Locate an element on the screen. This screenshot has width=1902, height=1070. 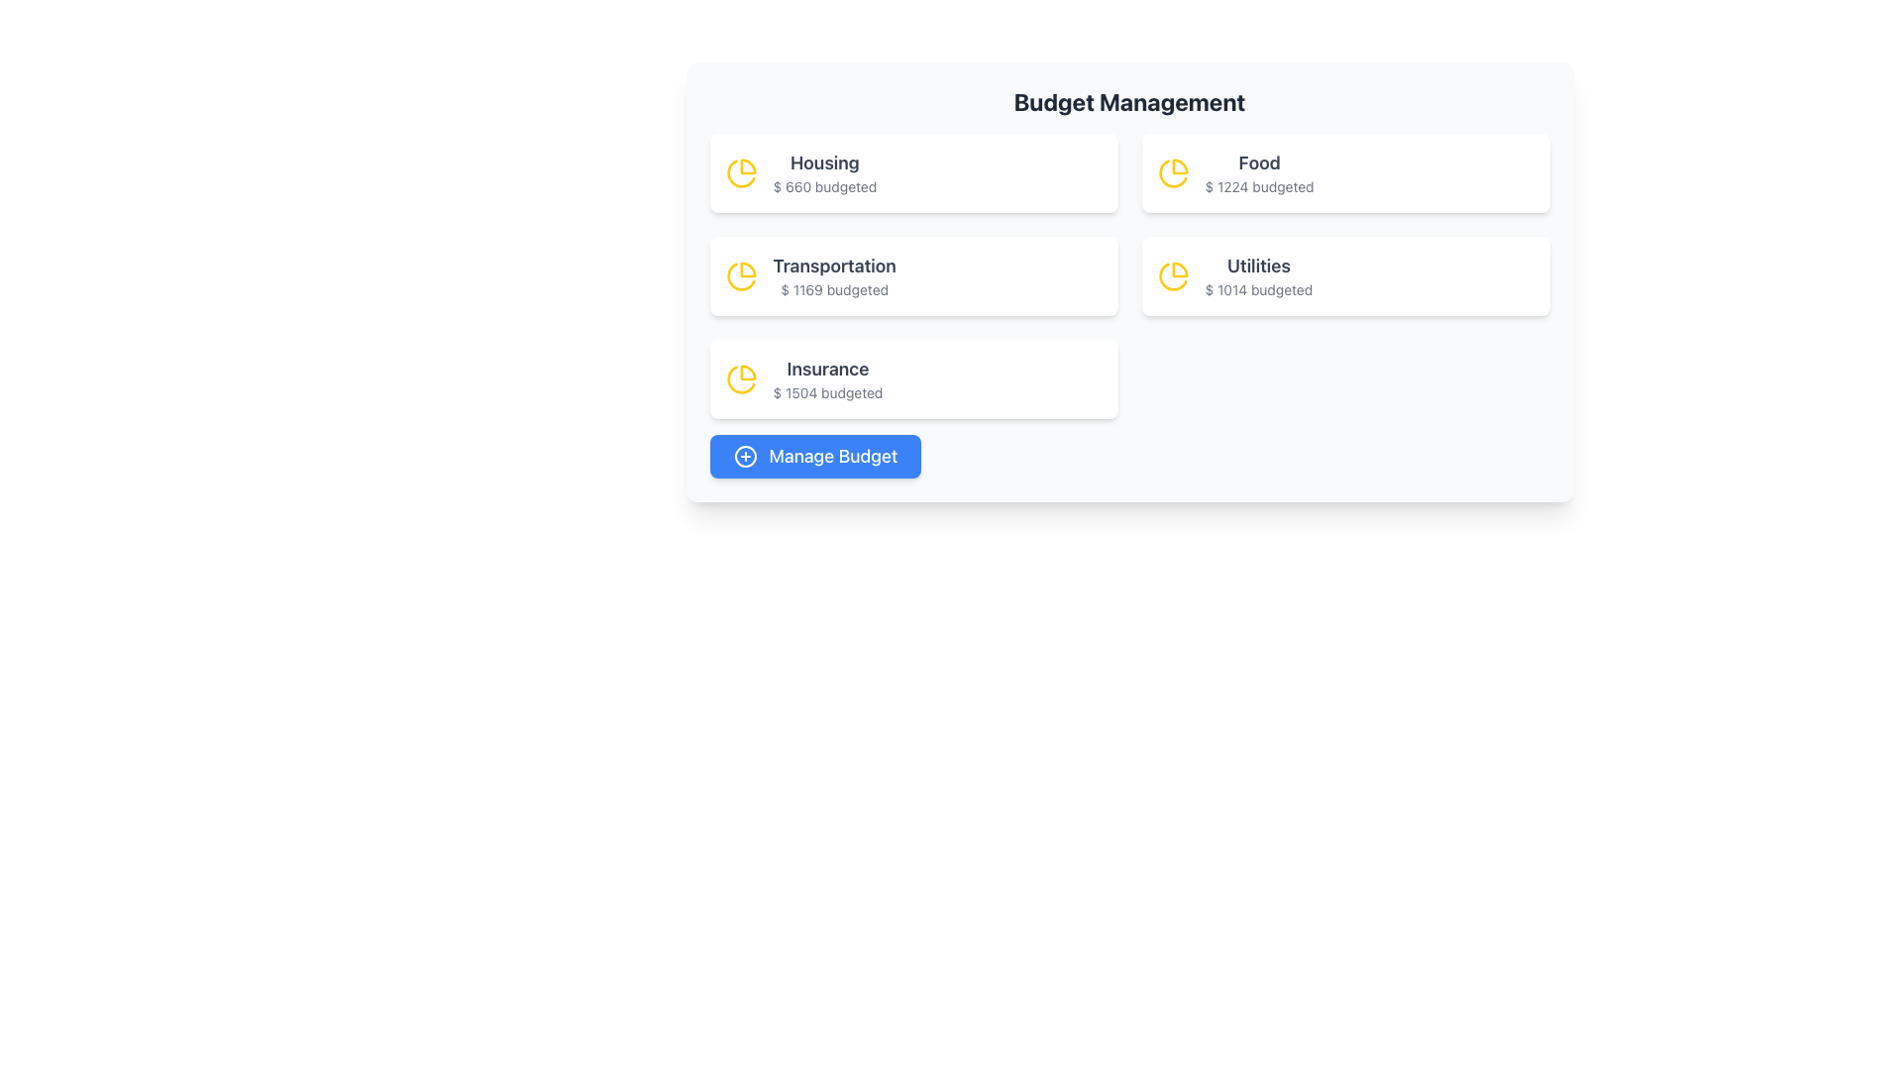
the 'Housing' budget category icon located within the 'Budget Management' panel, which visually represents the housing budget is located at coordinates (740, 171).